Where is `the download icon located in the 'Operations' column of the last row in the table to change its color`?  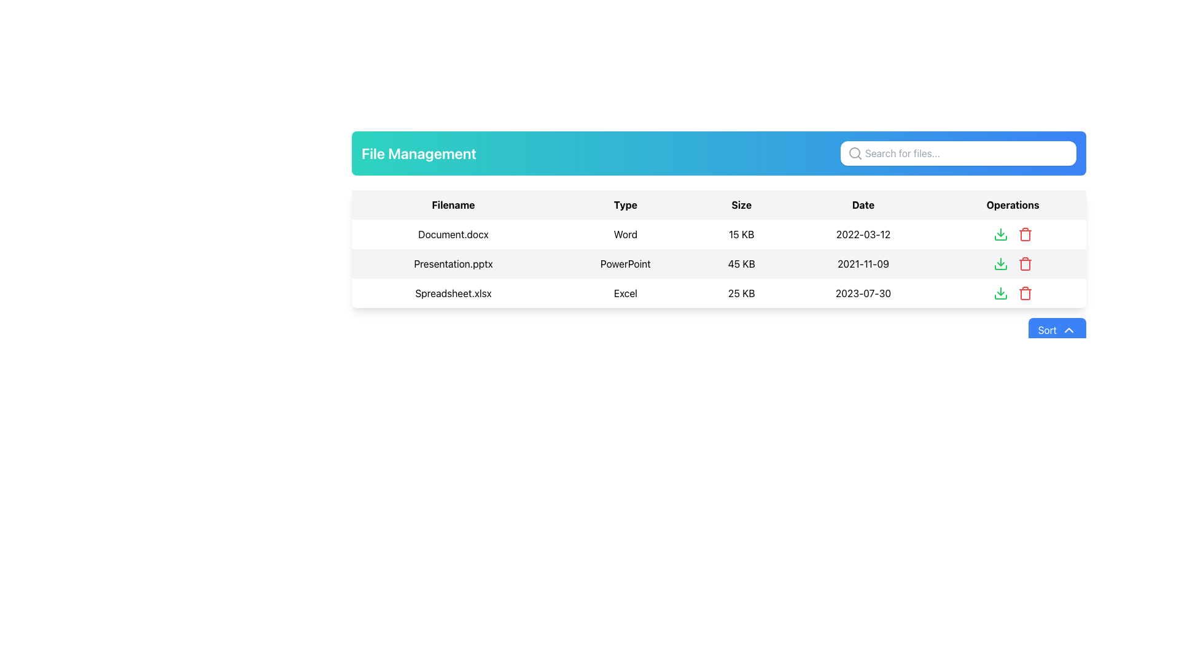 the download icon located in the 'Operations' column of the last row in the table to change its color is located at coordinates (1000, 293).